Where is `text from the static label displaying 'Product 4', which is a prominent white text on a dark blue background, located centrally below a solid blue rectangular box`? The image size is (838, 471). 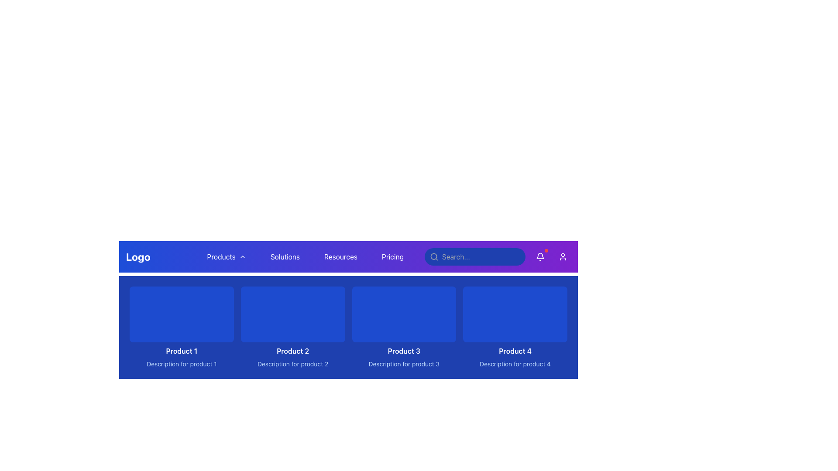 text from the static label displaying 'Product 4', which is a prominent white text on a dark blue background, located centrally below a solid blue rectangular box is located at coordinates (515, 351).